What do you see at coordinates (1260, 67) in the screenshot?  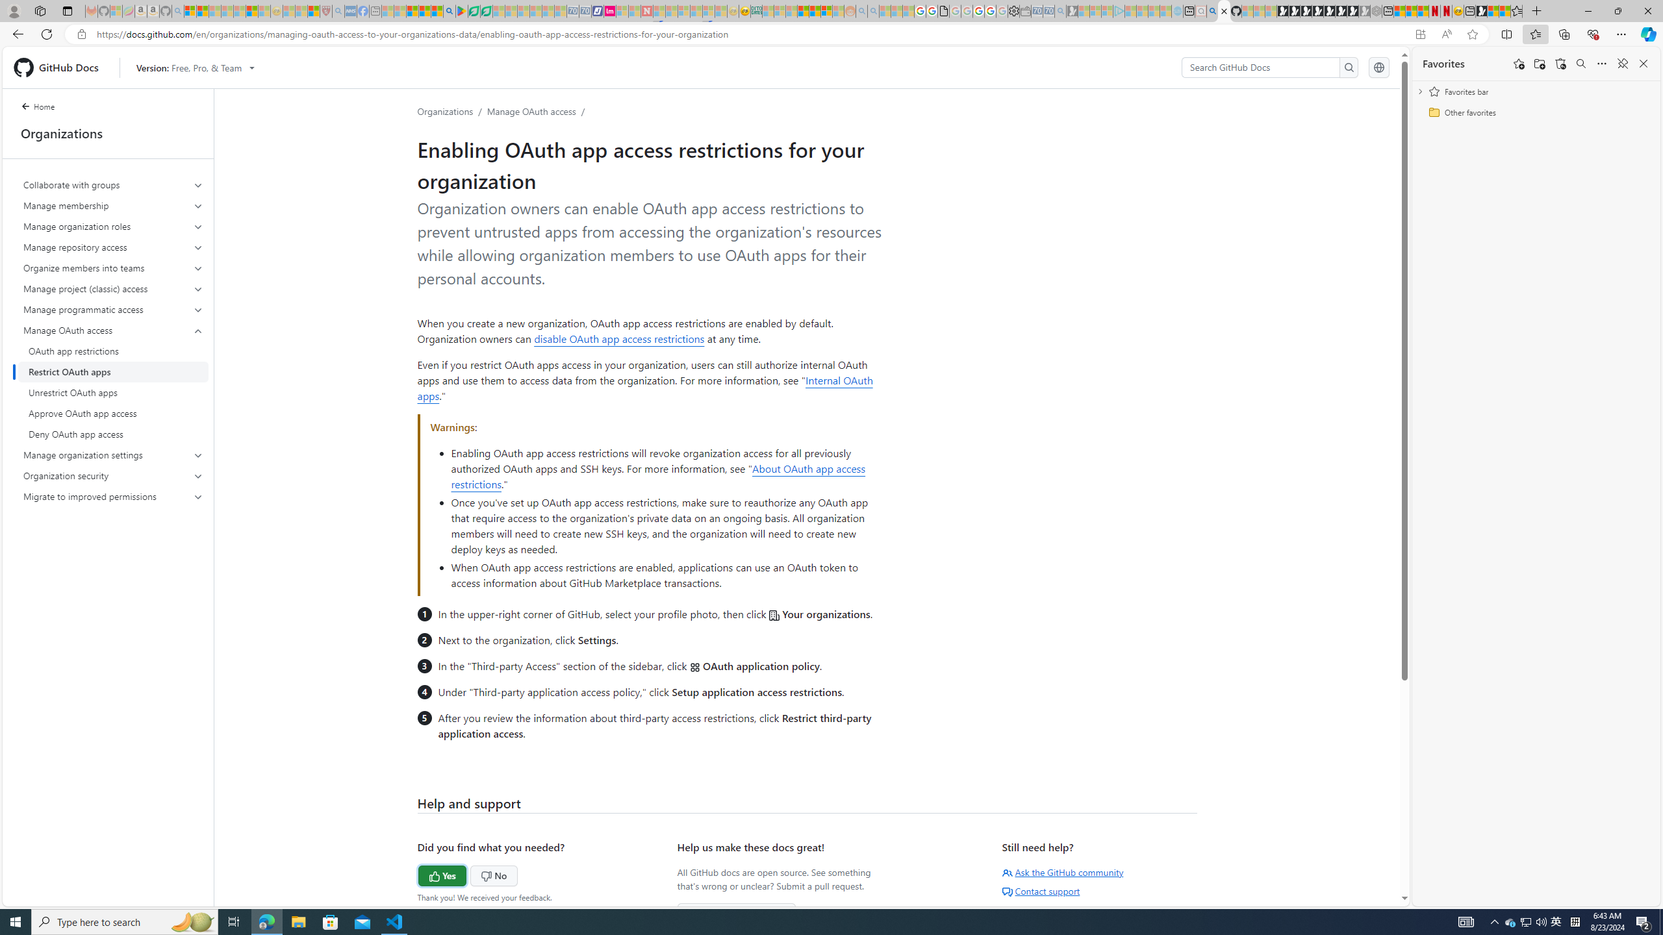 I see `'Search GitHub Docs'` at bounding box center [1260, 67].